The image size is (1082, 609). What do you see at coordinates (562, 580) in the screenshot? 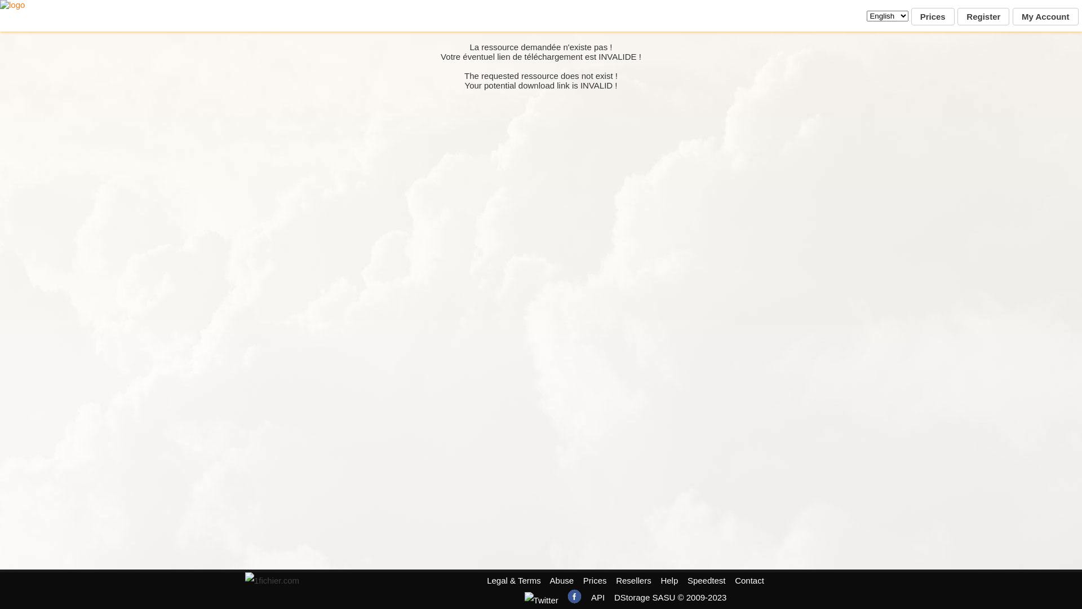
I see `'Abuse'` at bounding box center [562, 580].